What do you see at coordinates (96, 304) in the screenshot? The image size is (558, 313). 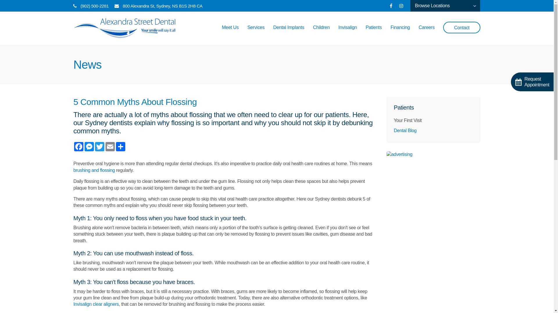 I see `'Invisalign clear aligners'` at bounding box center [96, 304].